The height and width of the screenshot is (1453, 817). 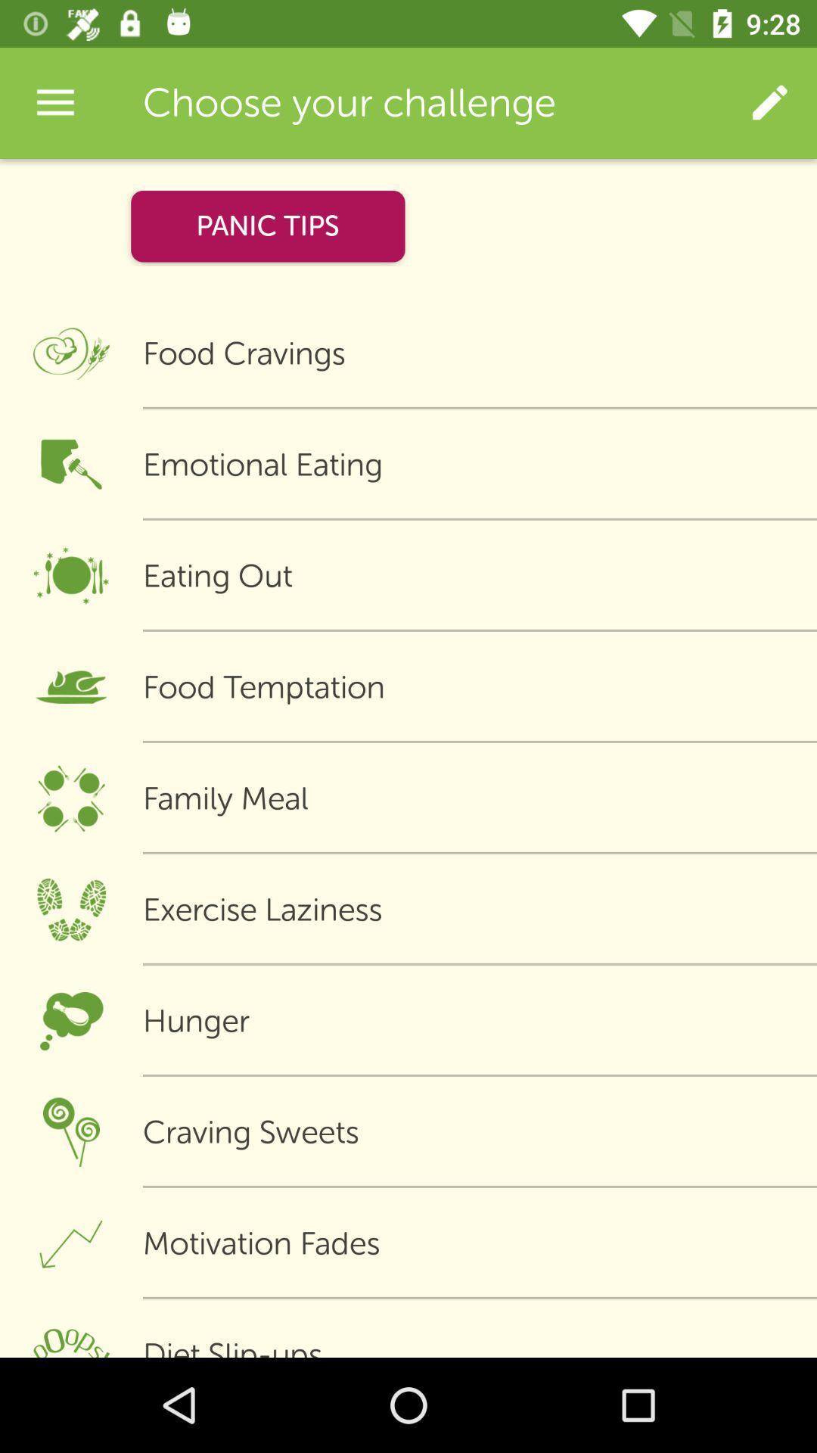 I want to click on the icon above the food cravings icon, so click(x=769, y=102).